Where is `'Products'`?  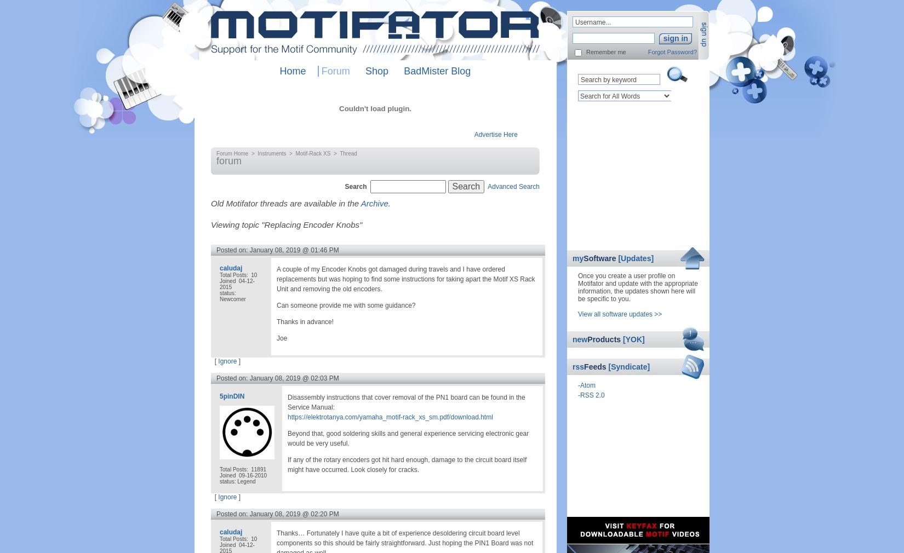 'Products' is located at coordinates (605, 339).